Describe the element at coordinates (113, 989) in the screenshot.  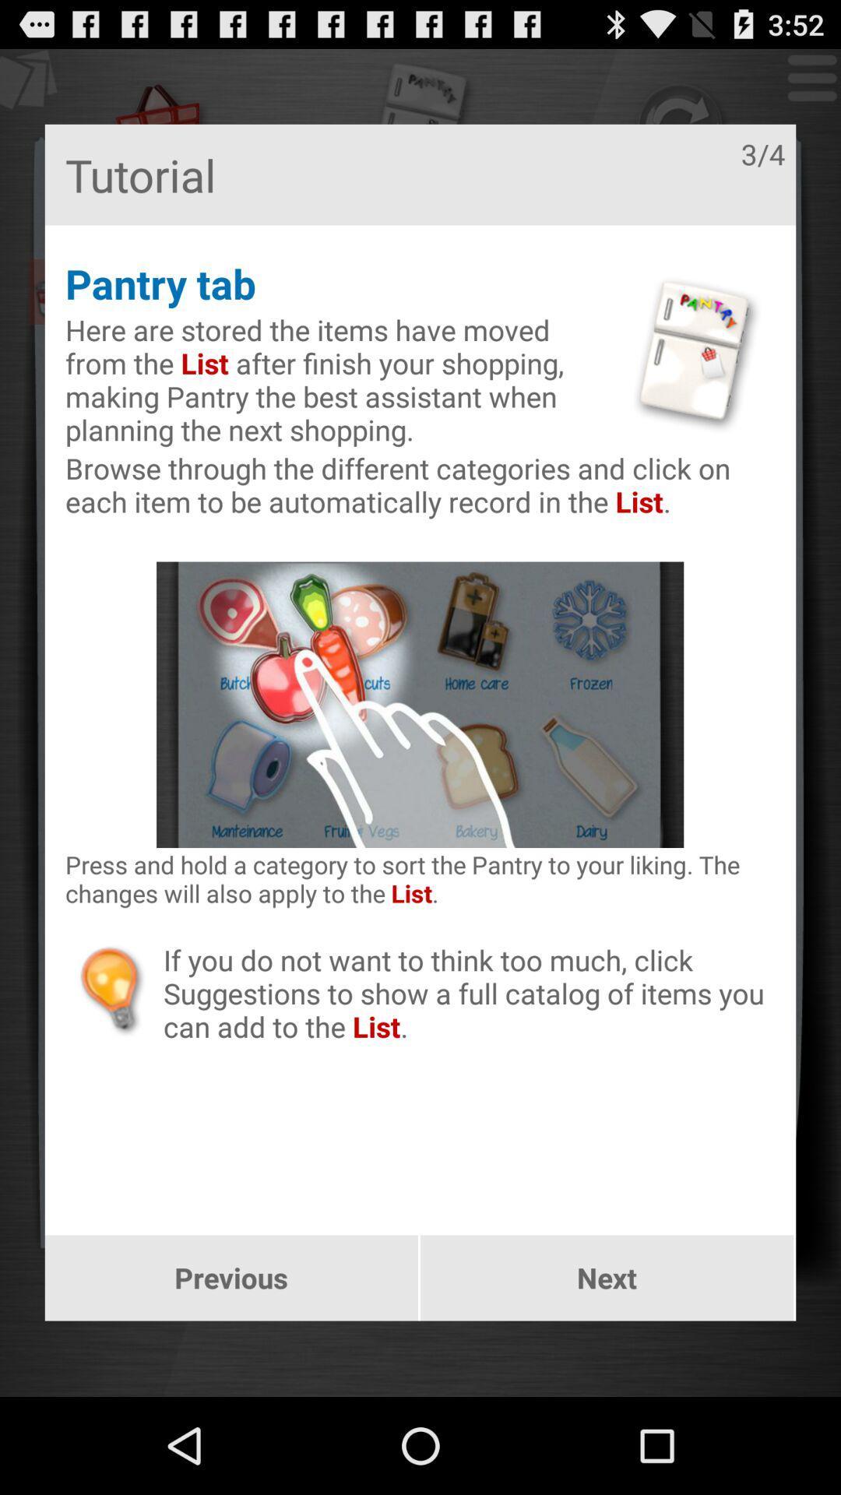
I see `the bulb image` at that location.